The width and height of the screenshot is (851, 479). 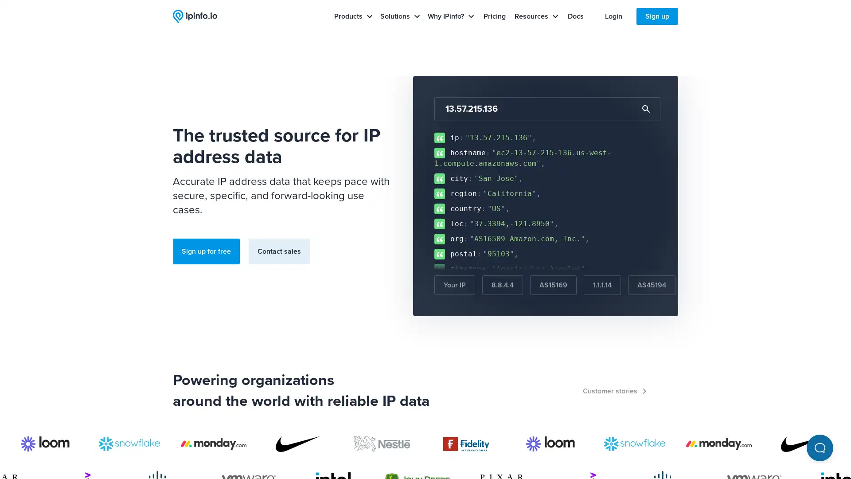 What do you see at coordinates (455, 285) in the screenshot?
I see `Your IP` at bounding box center [455, 285].